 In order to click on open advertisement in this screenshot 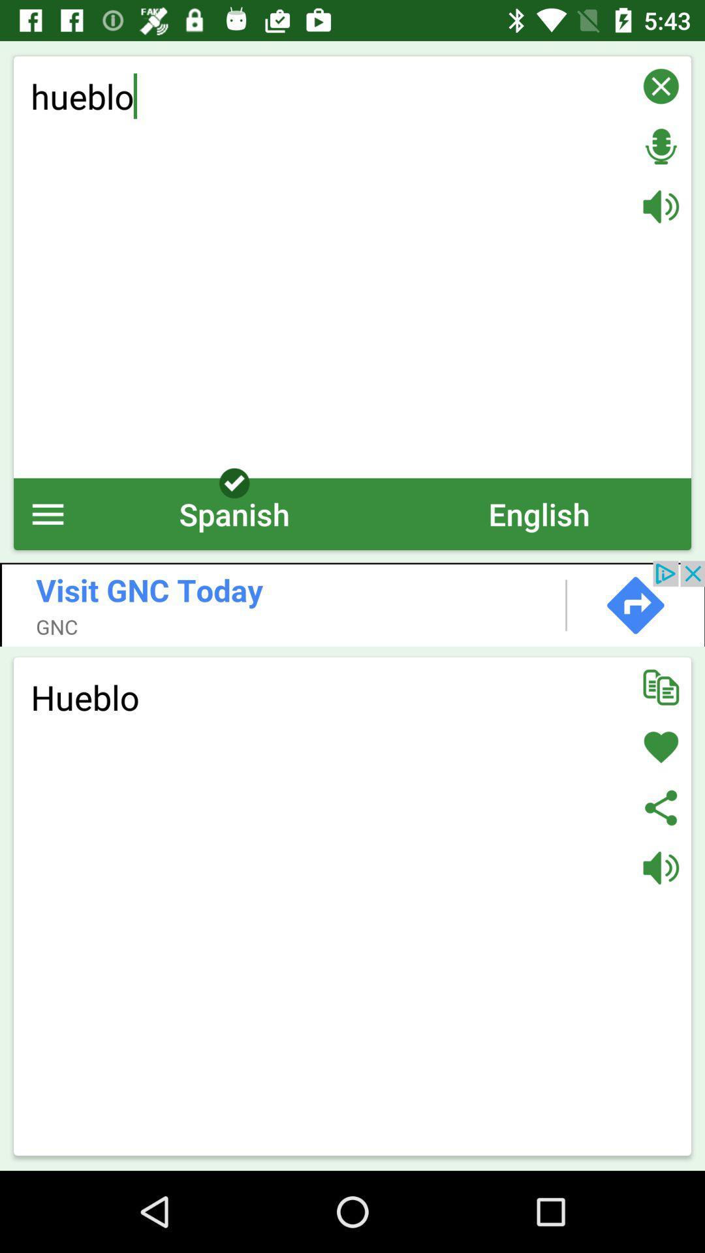, I will do `click(352, 603)`.